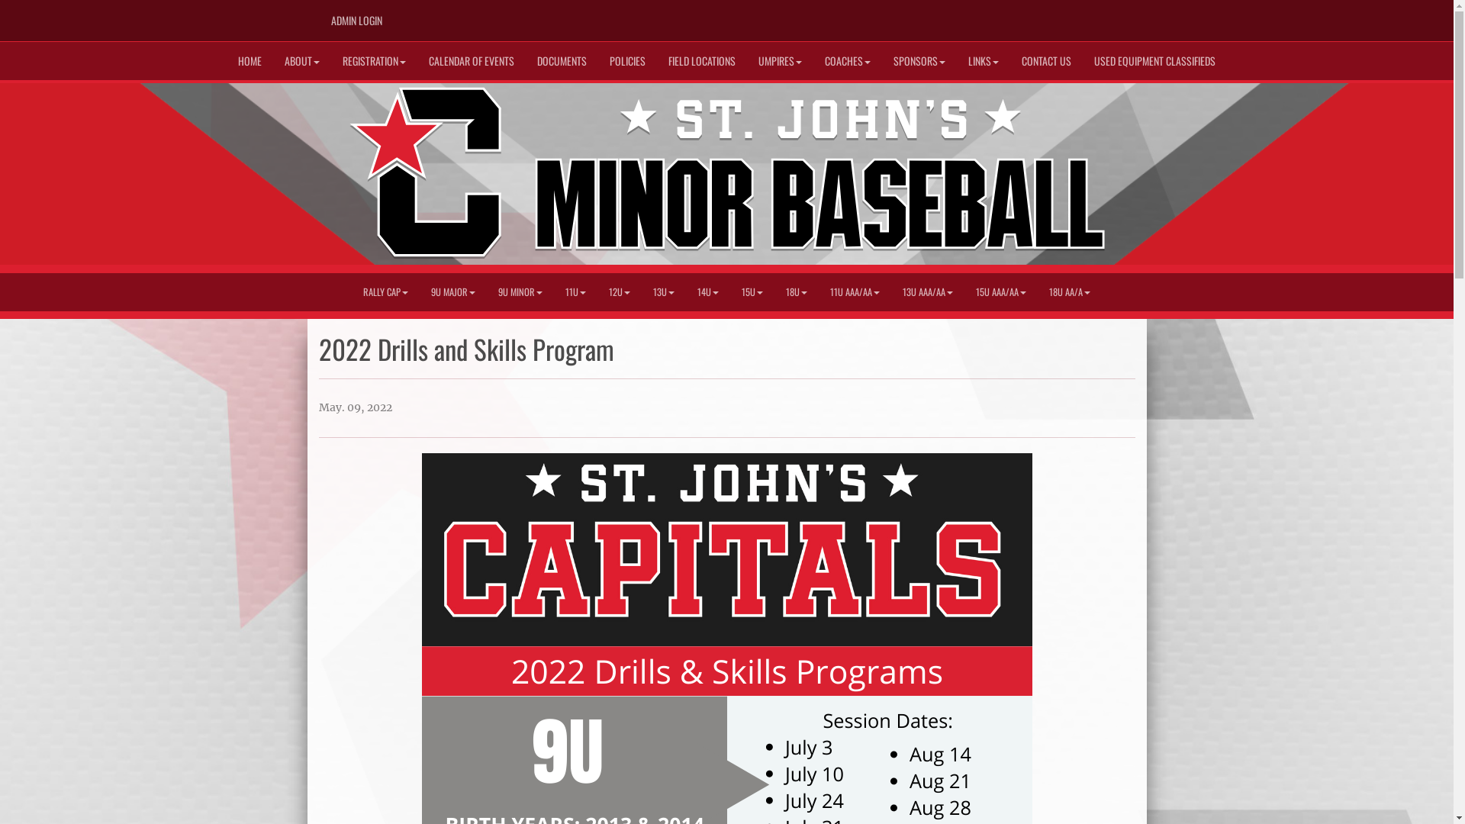 The width and height of the screenshot is (1465, 824). Describe the element at coordinates (452, 291) in the screenshot. I see `'9U MAJOR'` at that location.